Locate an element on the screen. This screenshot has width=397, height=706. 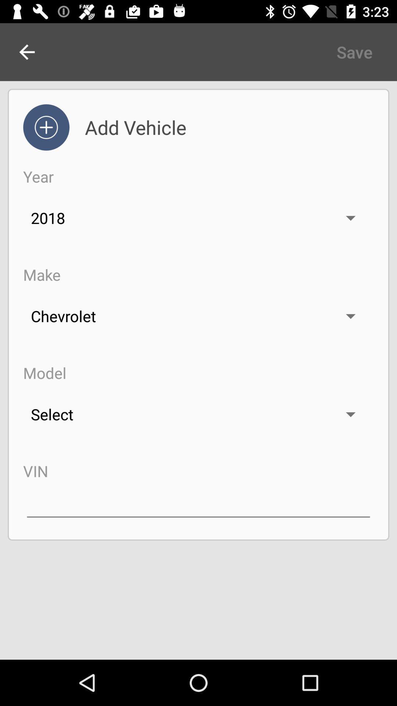
the arrow_backward icon is located at coordinates (26, 51).